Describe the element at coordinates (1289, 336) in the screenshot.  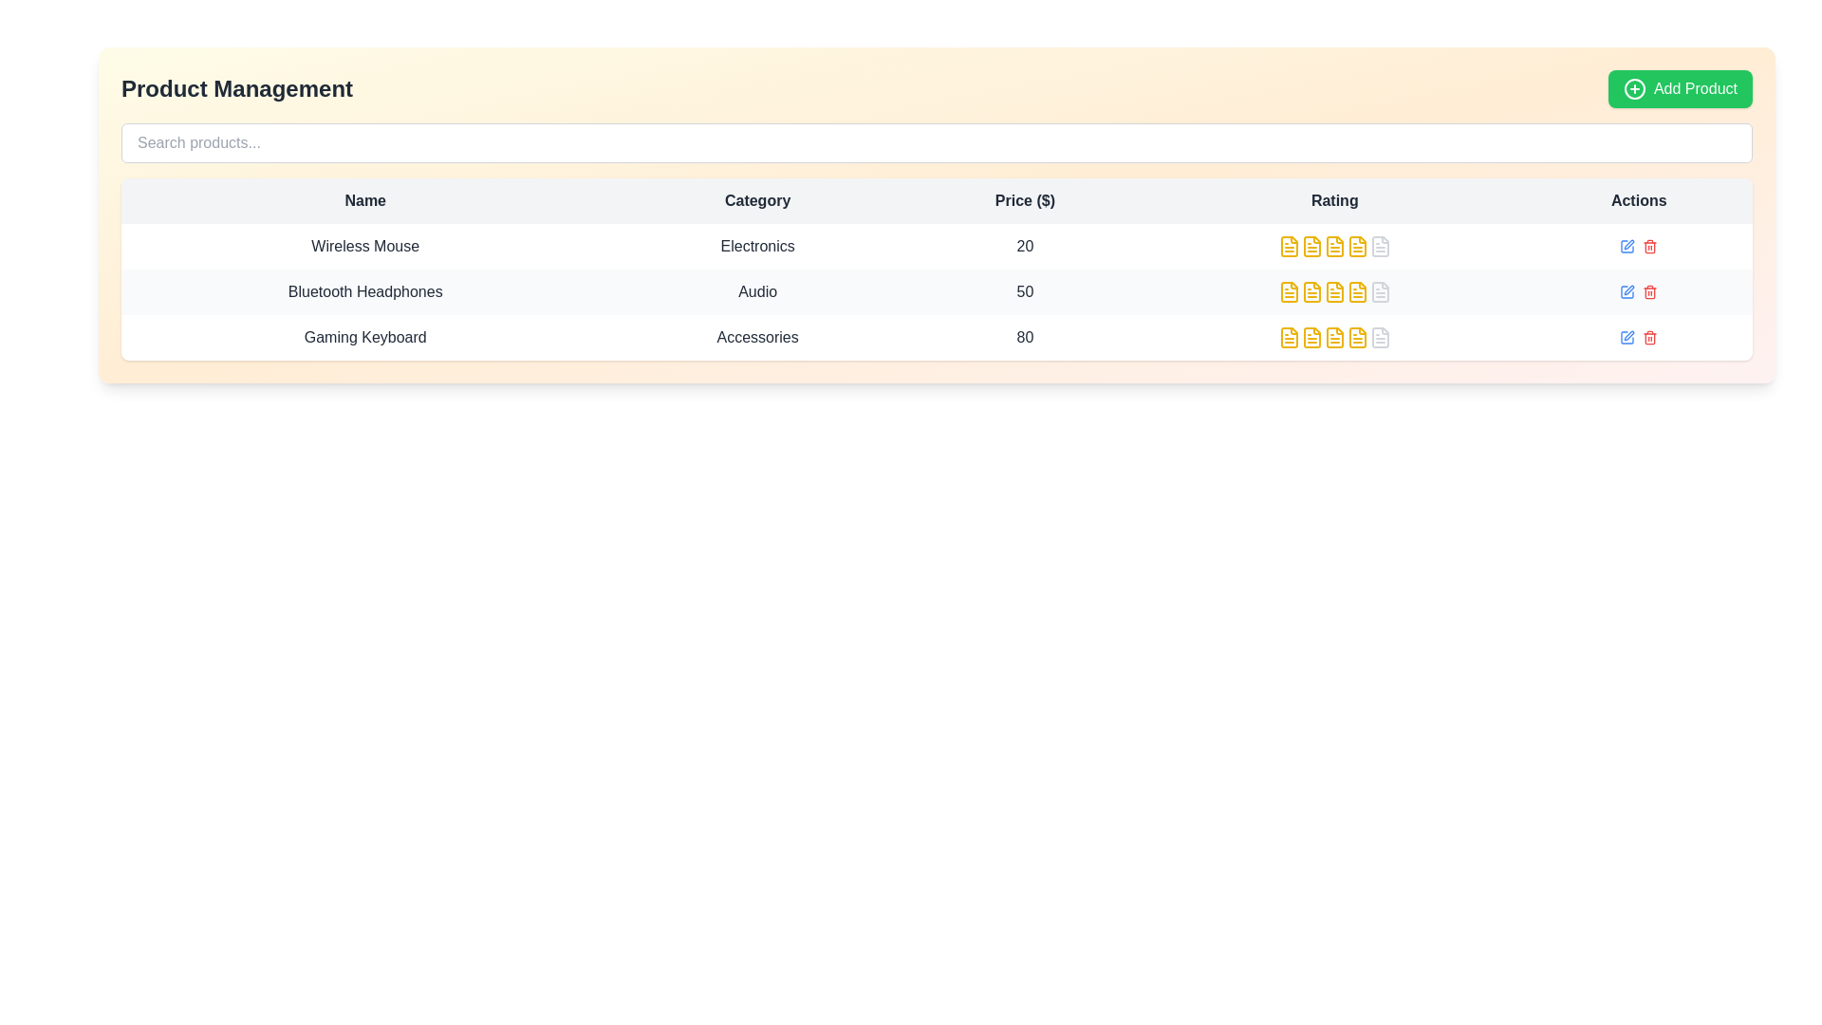
I see `document or file icon representing the rating for the 'Gaming Keyboard' product, which is the third icon from the left in the 'Rating' column` at that location.